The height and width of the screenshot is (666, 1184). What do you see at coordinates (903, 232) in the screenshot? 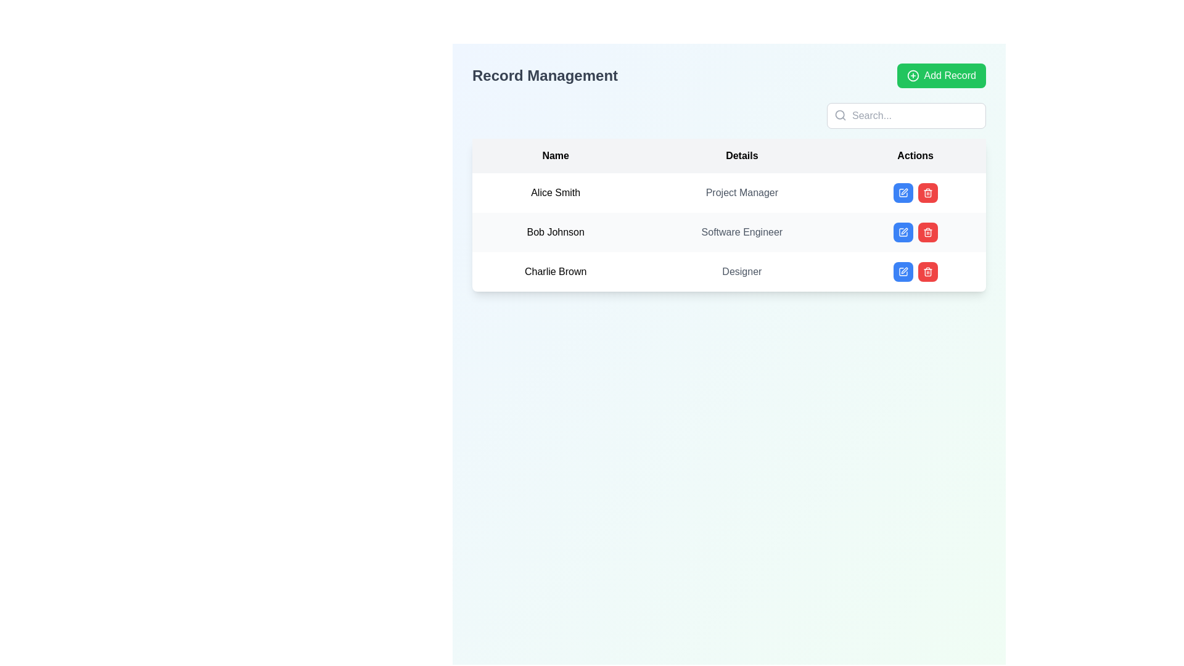
I see `the edit button in the 'Actions' column for the 'Software Engineer' entry, which is the first button in that column` at bounding box center [903, 232].